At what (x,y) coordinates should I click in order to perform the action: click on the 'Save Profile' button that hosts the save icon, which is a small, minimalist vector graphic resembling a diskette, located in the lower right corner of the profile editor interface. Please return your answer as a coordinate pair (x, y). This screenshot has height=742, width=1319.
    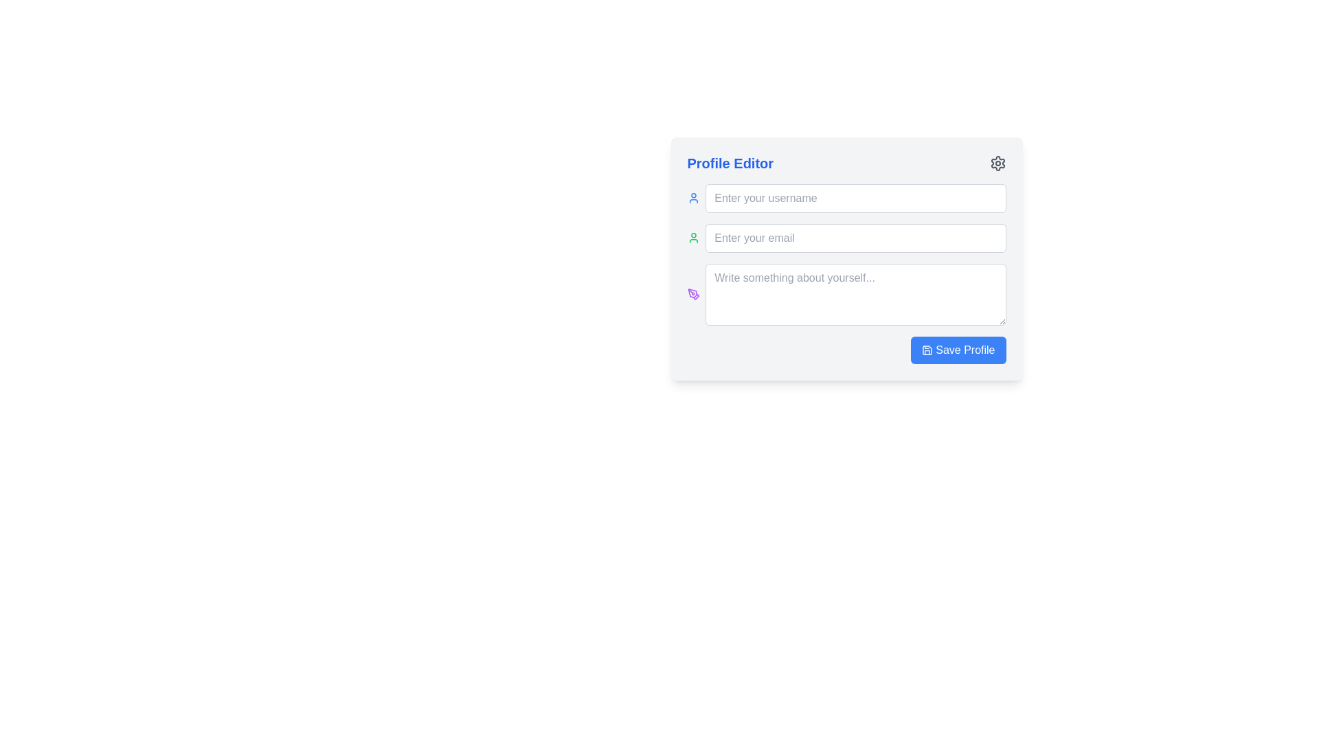
    Looking at the image, I should click on (927, 349).